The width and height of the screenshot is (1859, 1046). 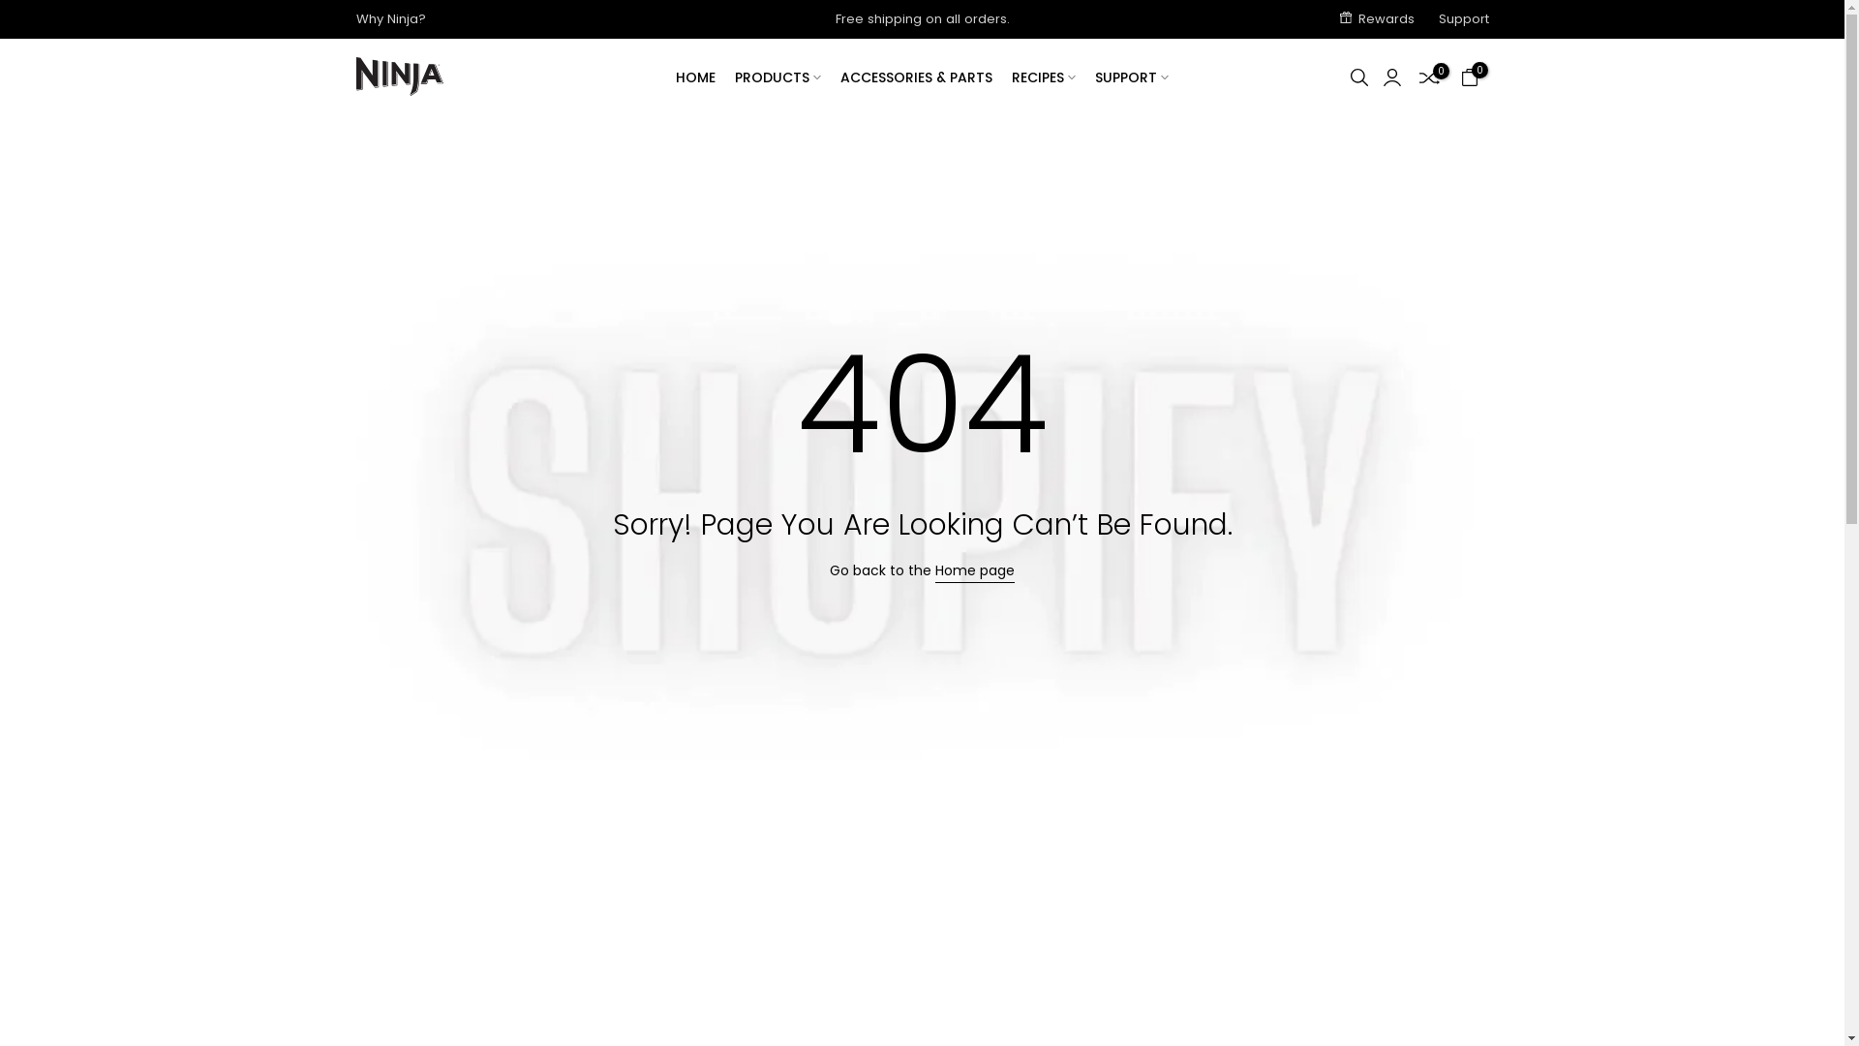 I want to click on 'SUPPORT', so click(x=1126, y=77).